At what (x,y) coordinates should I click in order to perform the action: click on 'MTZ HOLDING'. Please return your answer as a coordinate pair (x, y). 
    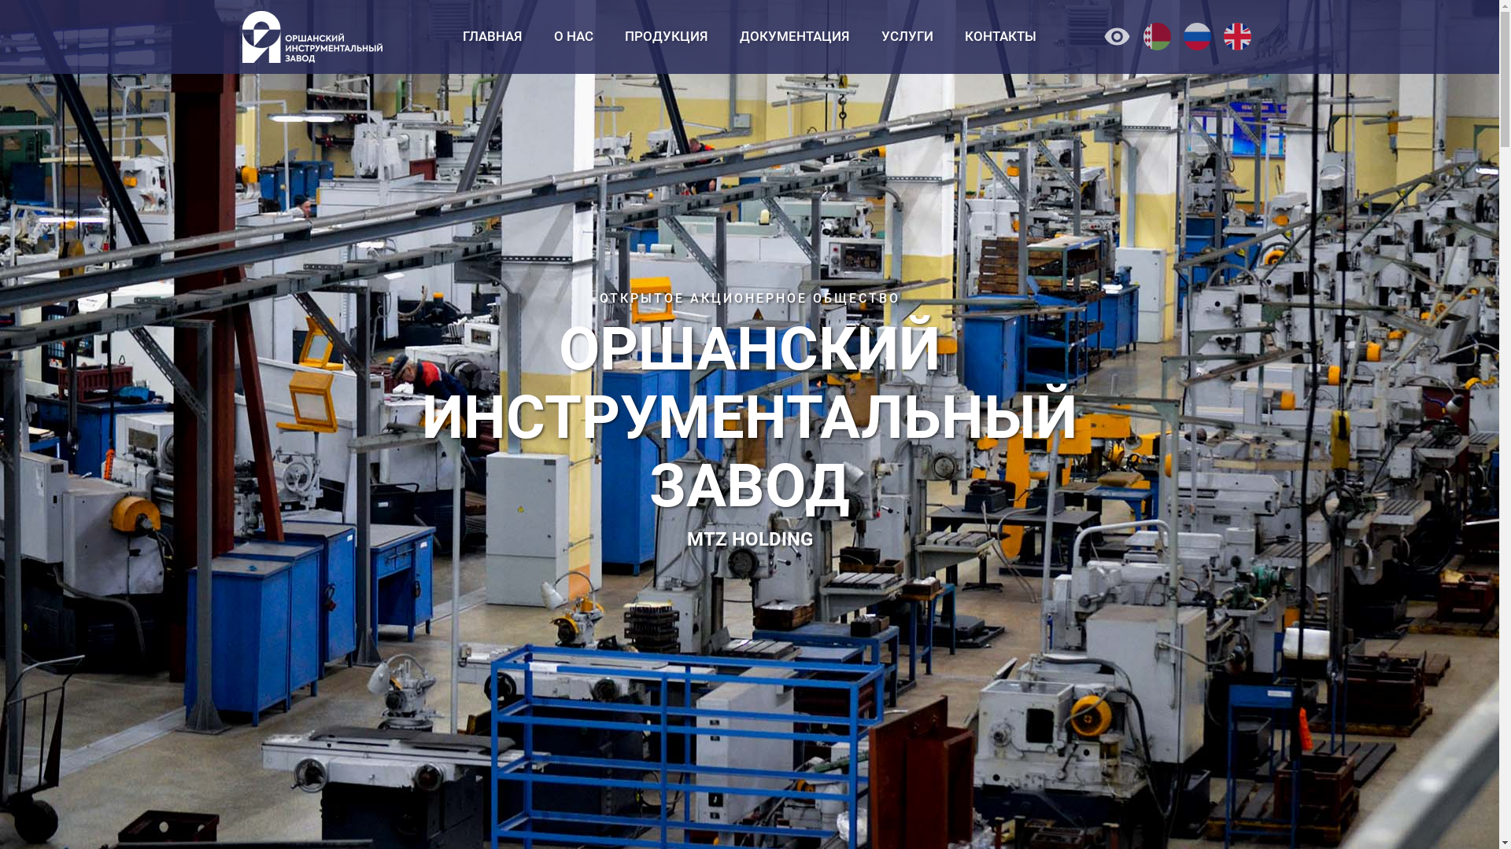
    Looking at the image, I should click on (686, 538).